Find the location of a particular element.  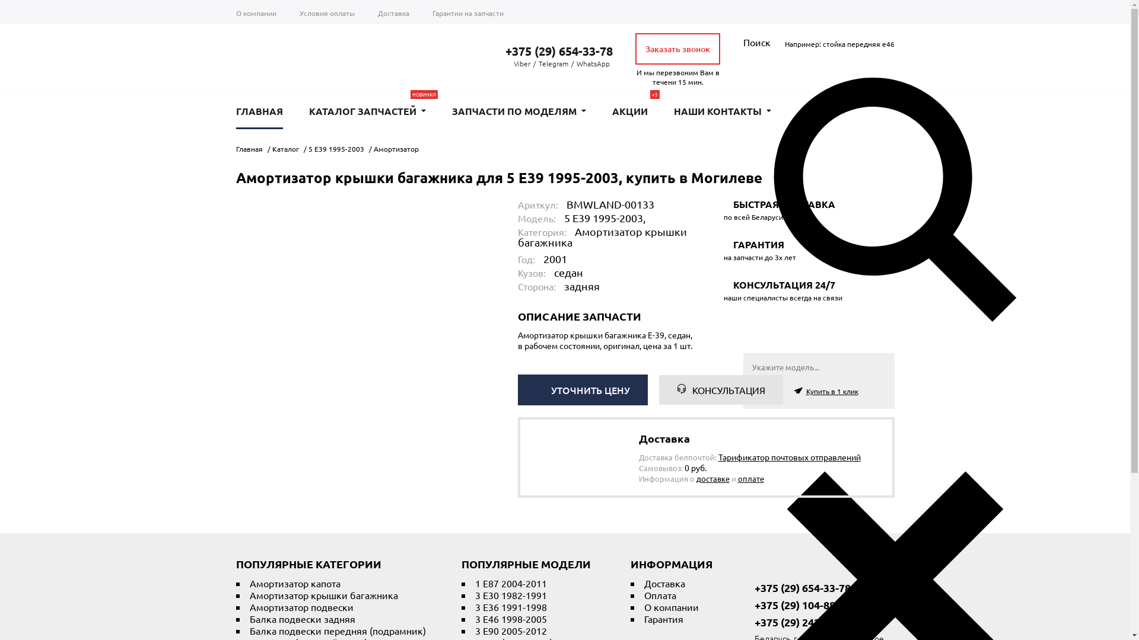

'Viber' is located at coordinates (521, 63).